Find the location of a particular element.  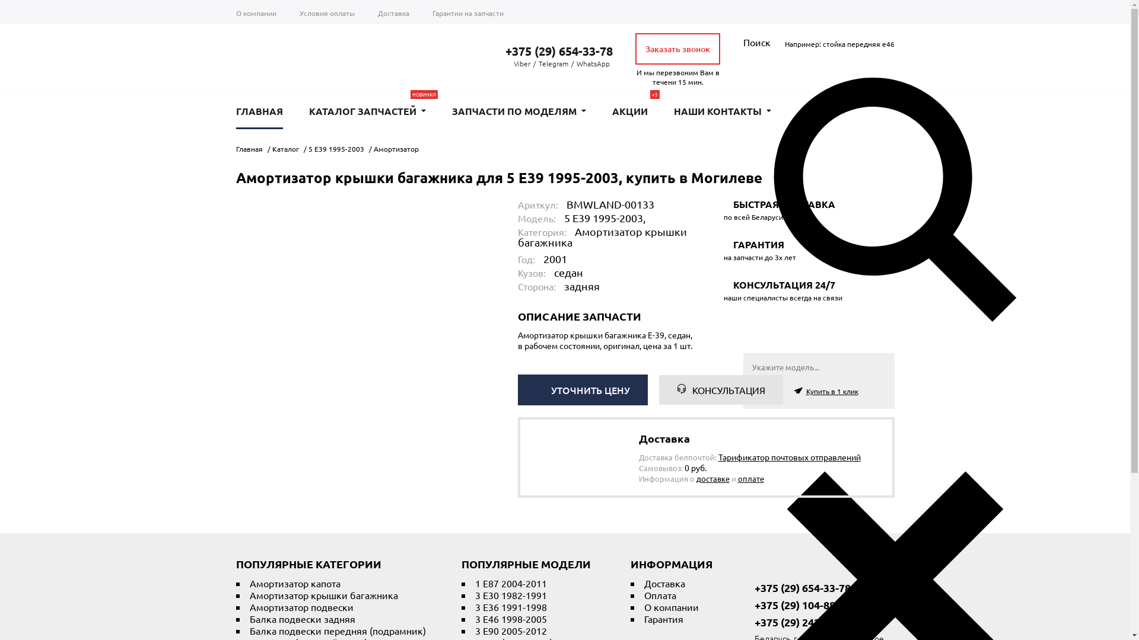

'Viber' is located at coordinates (521, 63).